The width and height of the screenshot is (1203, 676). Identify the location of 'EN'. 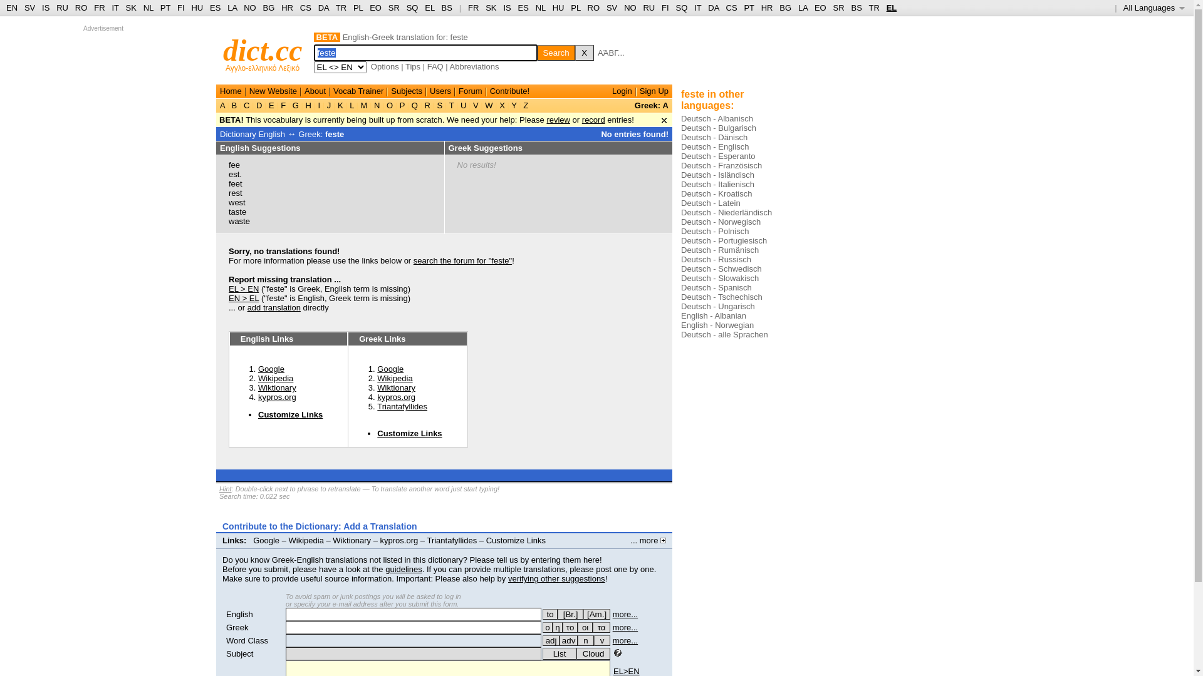
(12, 8).